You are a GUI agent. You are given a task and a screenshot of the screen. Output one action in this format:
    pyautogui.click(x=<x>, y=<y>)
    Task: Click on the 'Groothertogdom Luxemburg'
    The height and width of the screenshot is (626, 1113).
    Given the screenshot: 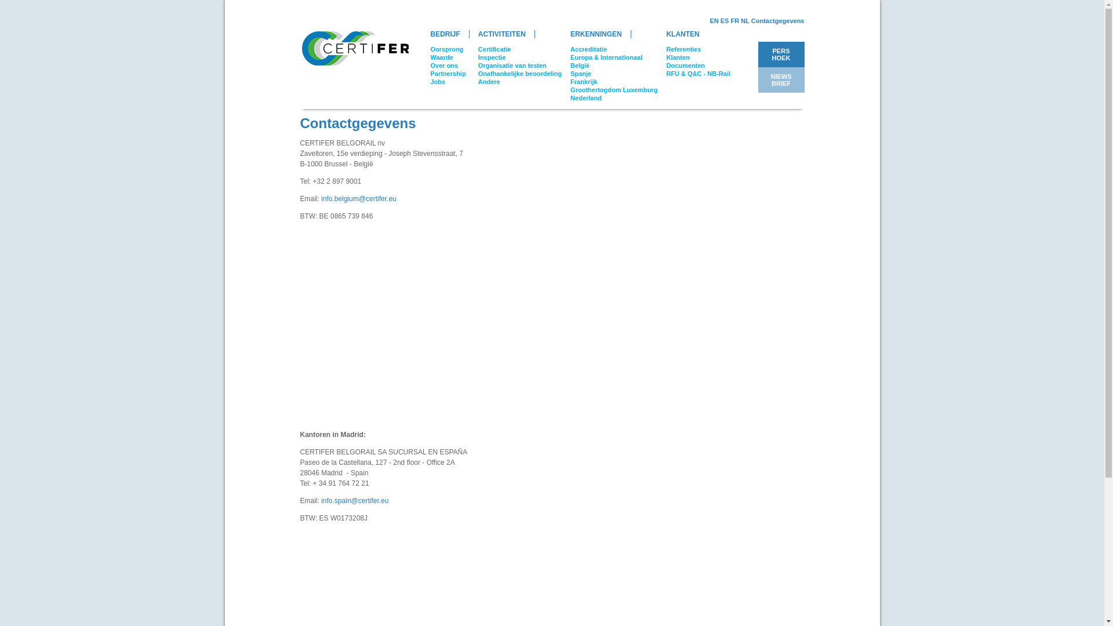 What is the action you would take?
    pyautogui.click(x=613, y=89)
    